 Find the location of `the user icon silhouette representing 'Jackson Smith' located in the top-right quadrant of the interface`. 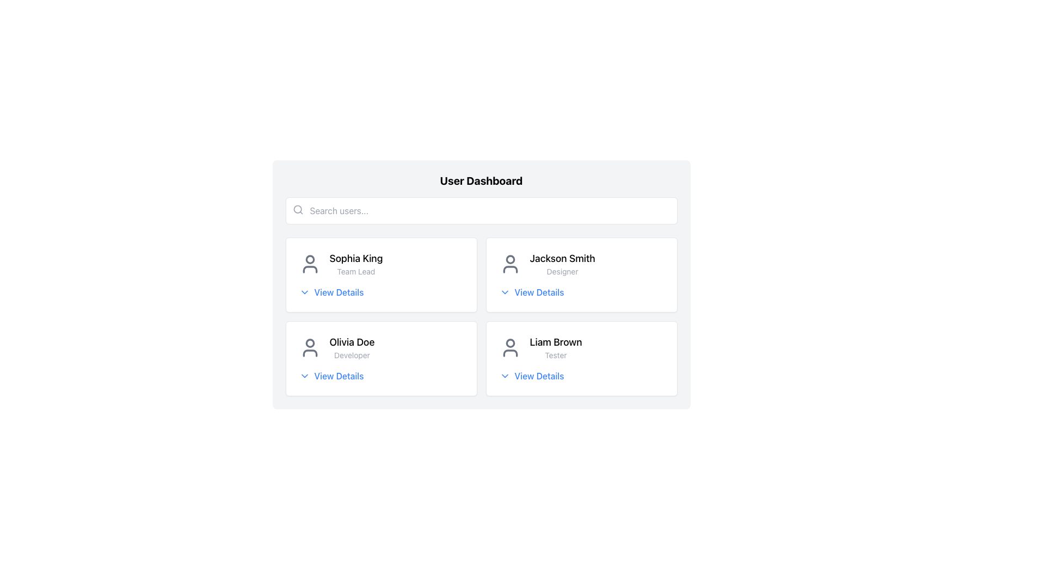

the user icon silhouette representing 'Jackson Smith' located in the top-right quadrant of the interface is located at coordinates (509, 269).